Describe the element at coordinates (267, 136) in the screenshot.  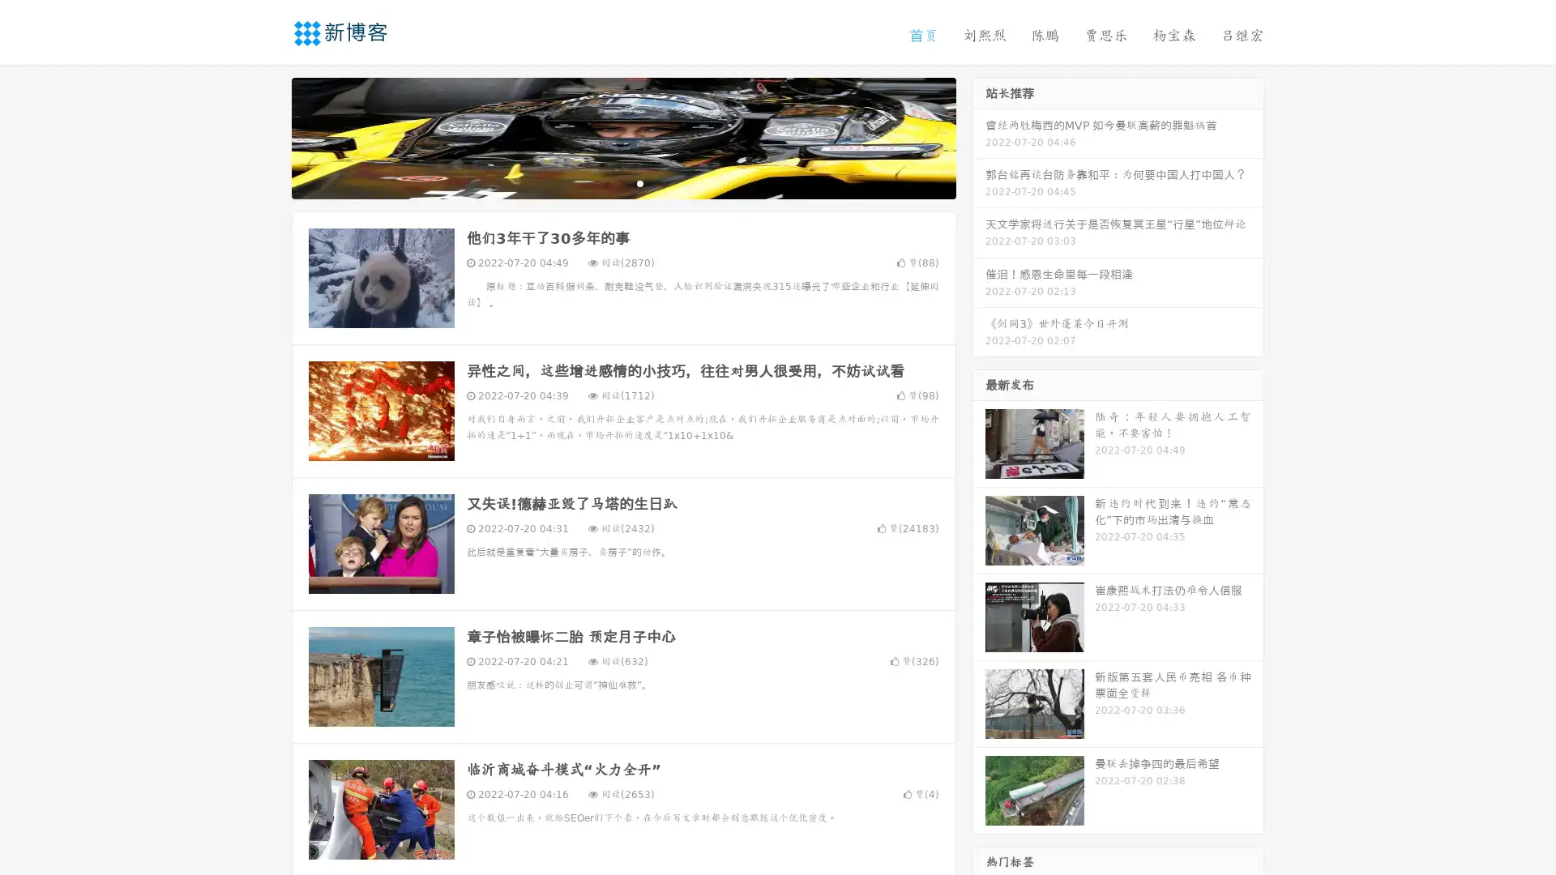
I see `Previous slide` at that location.